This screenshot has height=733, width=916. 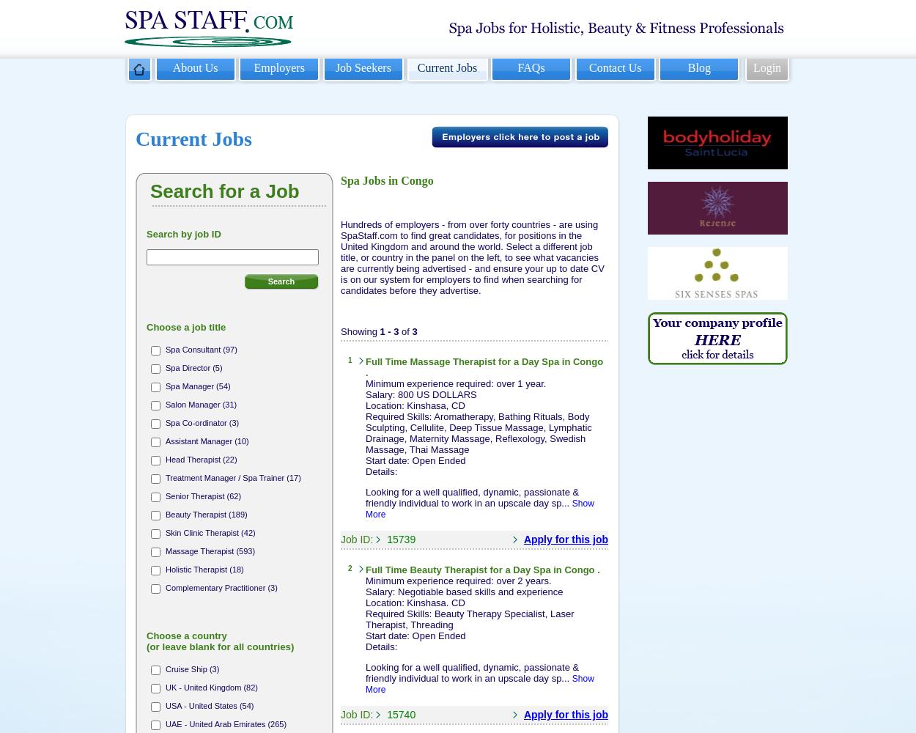 What do you see at coordinates (281, 281) in the screenshot?
I see `'Search'` at bounding box center [281, 281].